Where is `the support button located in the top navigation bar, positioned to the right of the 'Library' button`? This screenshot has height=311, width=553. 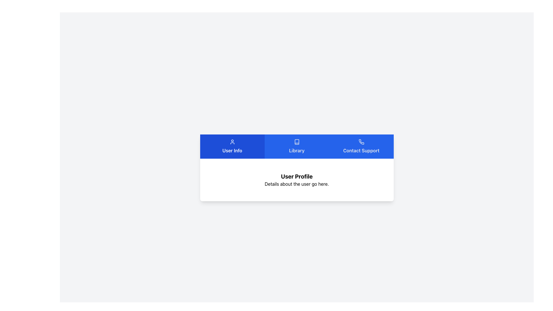 the support button located in the top navigation bar, positioned to the right of the 'Library' button is located at coordinates (361, 146).